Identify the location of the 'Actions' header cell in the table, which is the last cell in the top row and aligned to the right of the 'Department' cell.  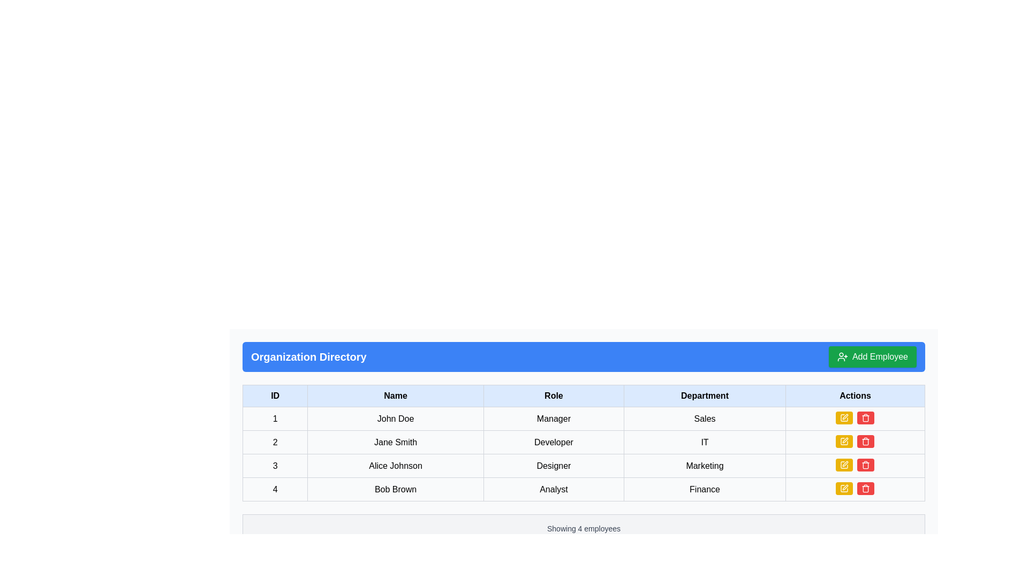
(855, 396).